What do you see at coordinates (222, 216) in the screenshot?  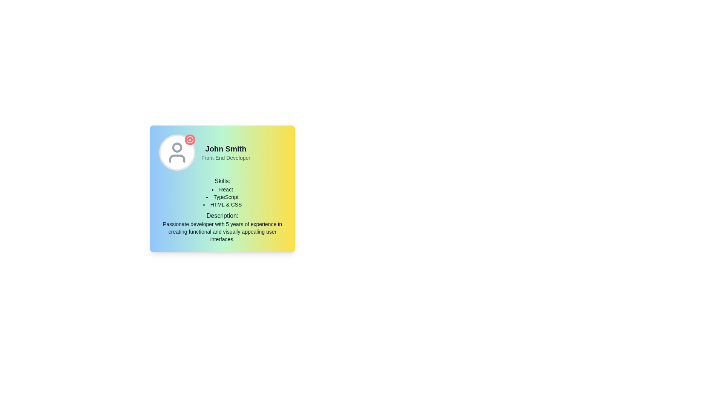 I see `the text label that introduces the developer's experience in the card layout on the left side of the interface` at bounding box center [222, 216].